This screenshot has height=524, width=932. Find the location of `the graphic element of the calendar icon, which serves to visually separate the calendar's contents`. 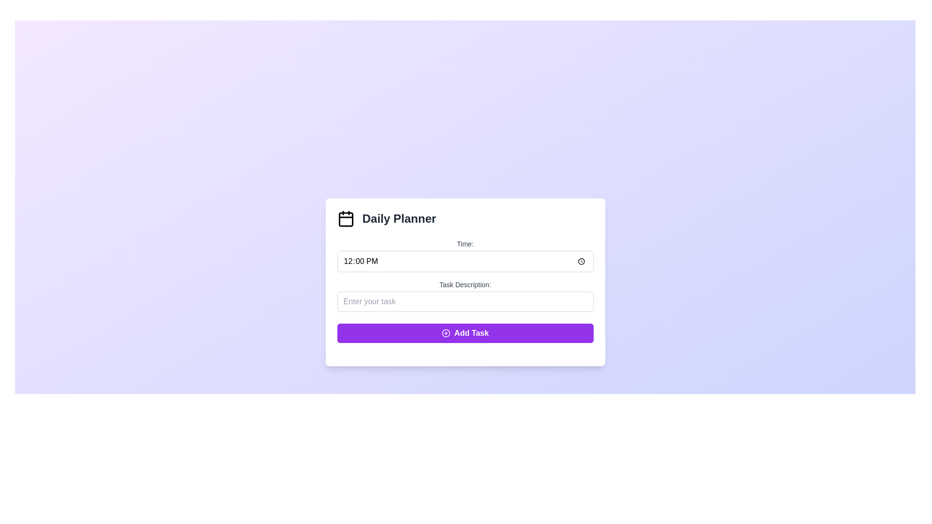

the graphic element of the calendar icon, which serves to visually separate the calendar's contents is located at coordinates (346, 219).